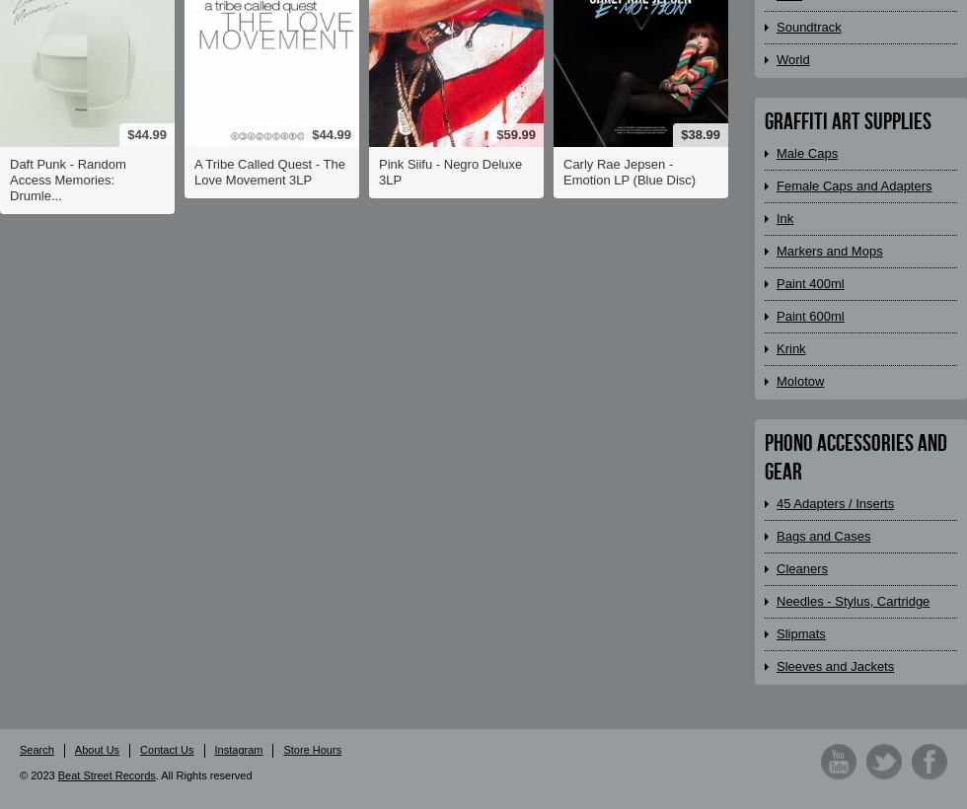 This screenshot has height=809, width=967. What do you see at coordinates (37, 748) in the screenshot?
I see `'Search'` at bounding box center [37, 748].